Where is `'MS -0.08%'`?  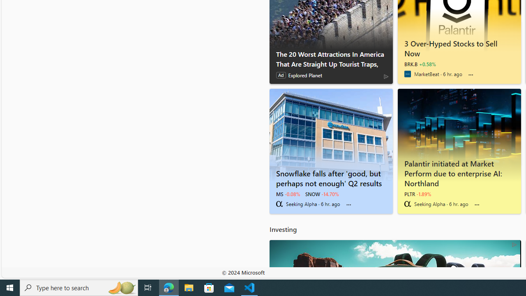 'MS -0.08%' is located at coordinates (288, 194).